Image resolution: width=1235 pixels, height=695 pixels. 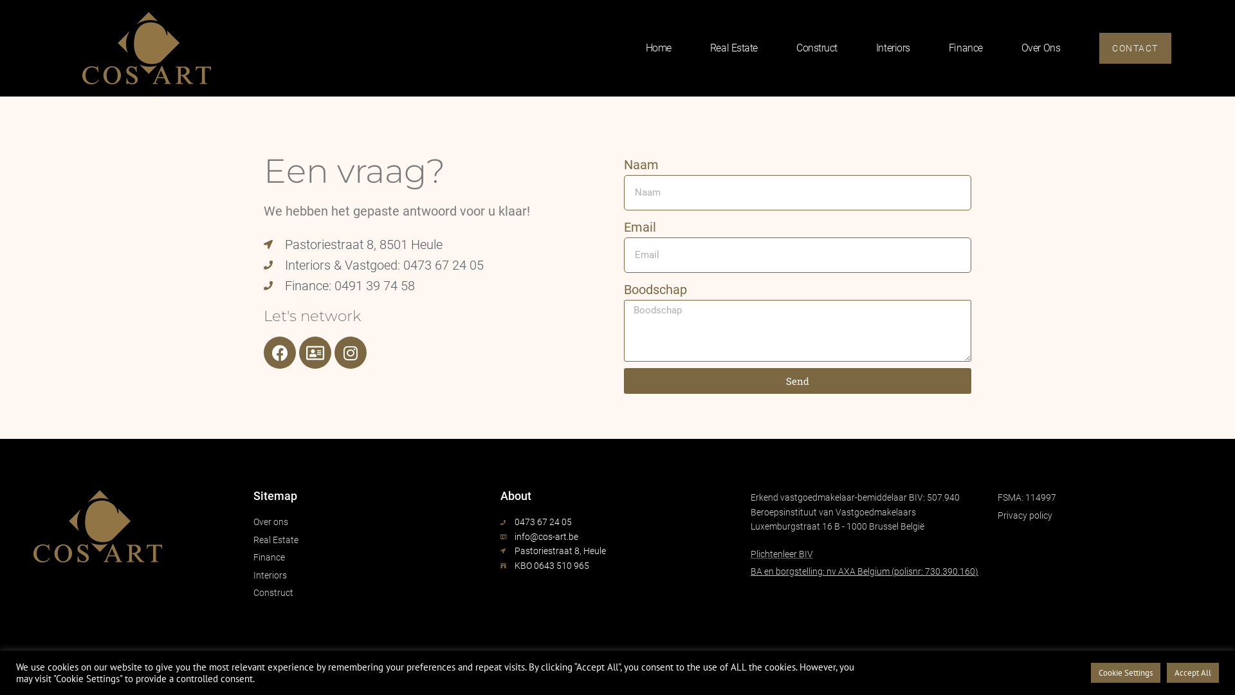 I want to click on 'Over Ons', so click(x=1040, y=47).